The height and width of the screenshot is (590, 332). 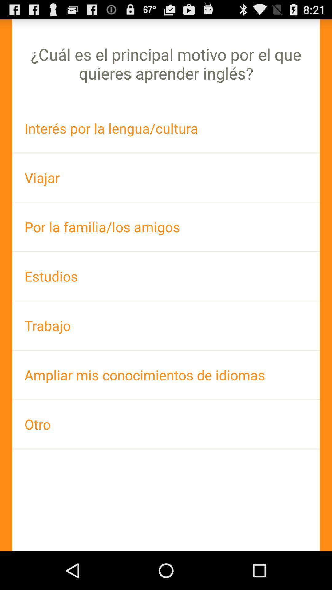 I want to click on app above trabajo app, so click(x=166, y=276).